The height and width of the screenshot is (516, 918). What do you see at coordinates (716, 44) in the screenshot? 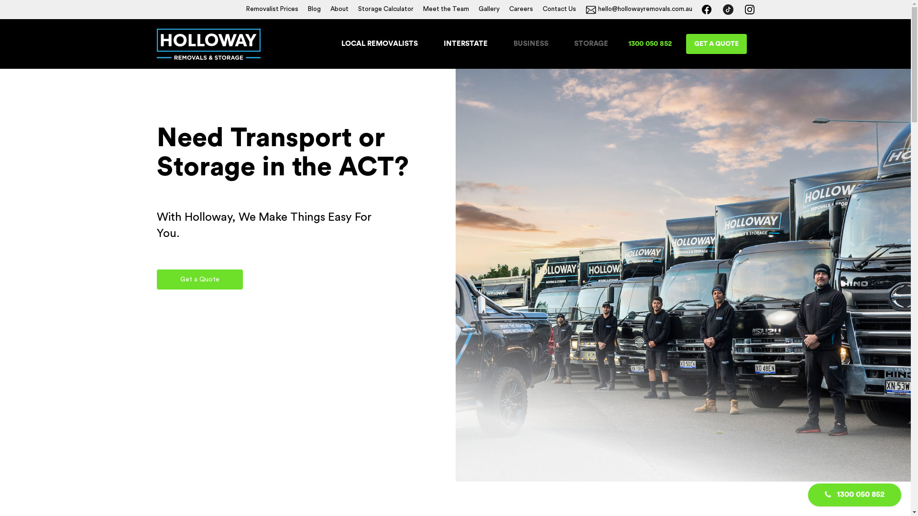
I see `'GET A QUOTE'` at bounding box center [716, 44].